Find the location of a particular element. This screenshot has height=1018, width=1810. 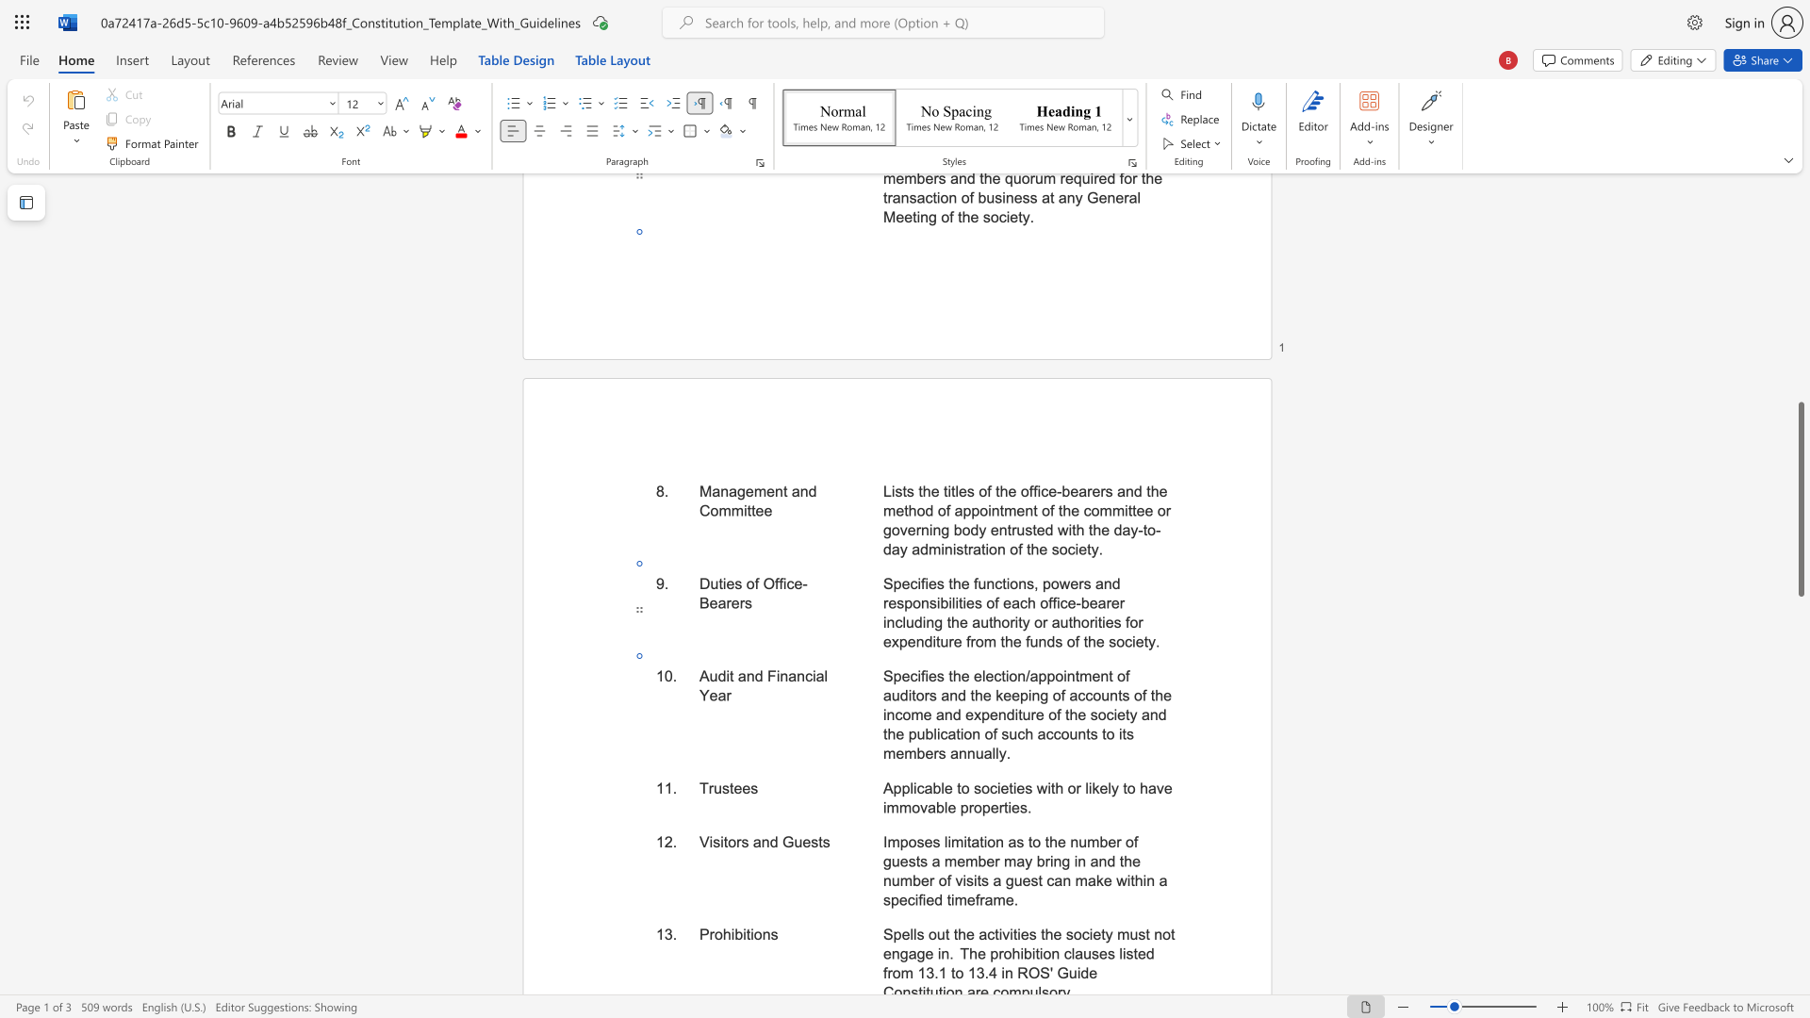

the 3th character "o" in the text is located at coordinates (1072, 788).